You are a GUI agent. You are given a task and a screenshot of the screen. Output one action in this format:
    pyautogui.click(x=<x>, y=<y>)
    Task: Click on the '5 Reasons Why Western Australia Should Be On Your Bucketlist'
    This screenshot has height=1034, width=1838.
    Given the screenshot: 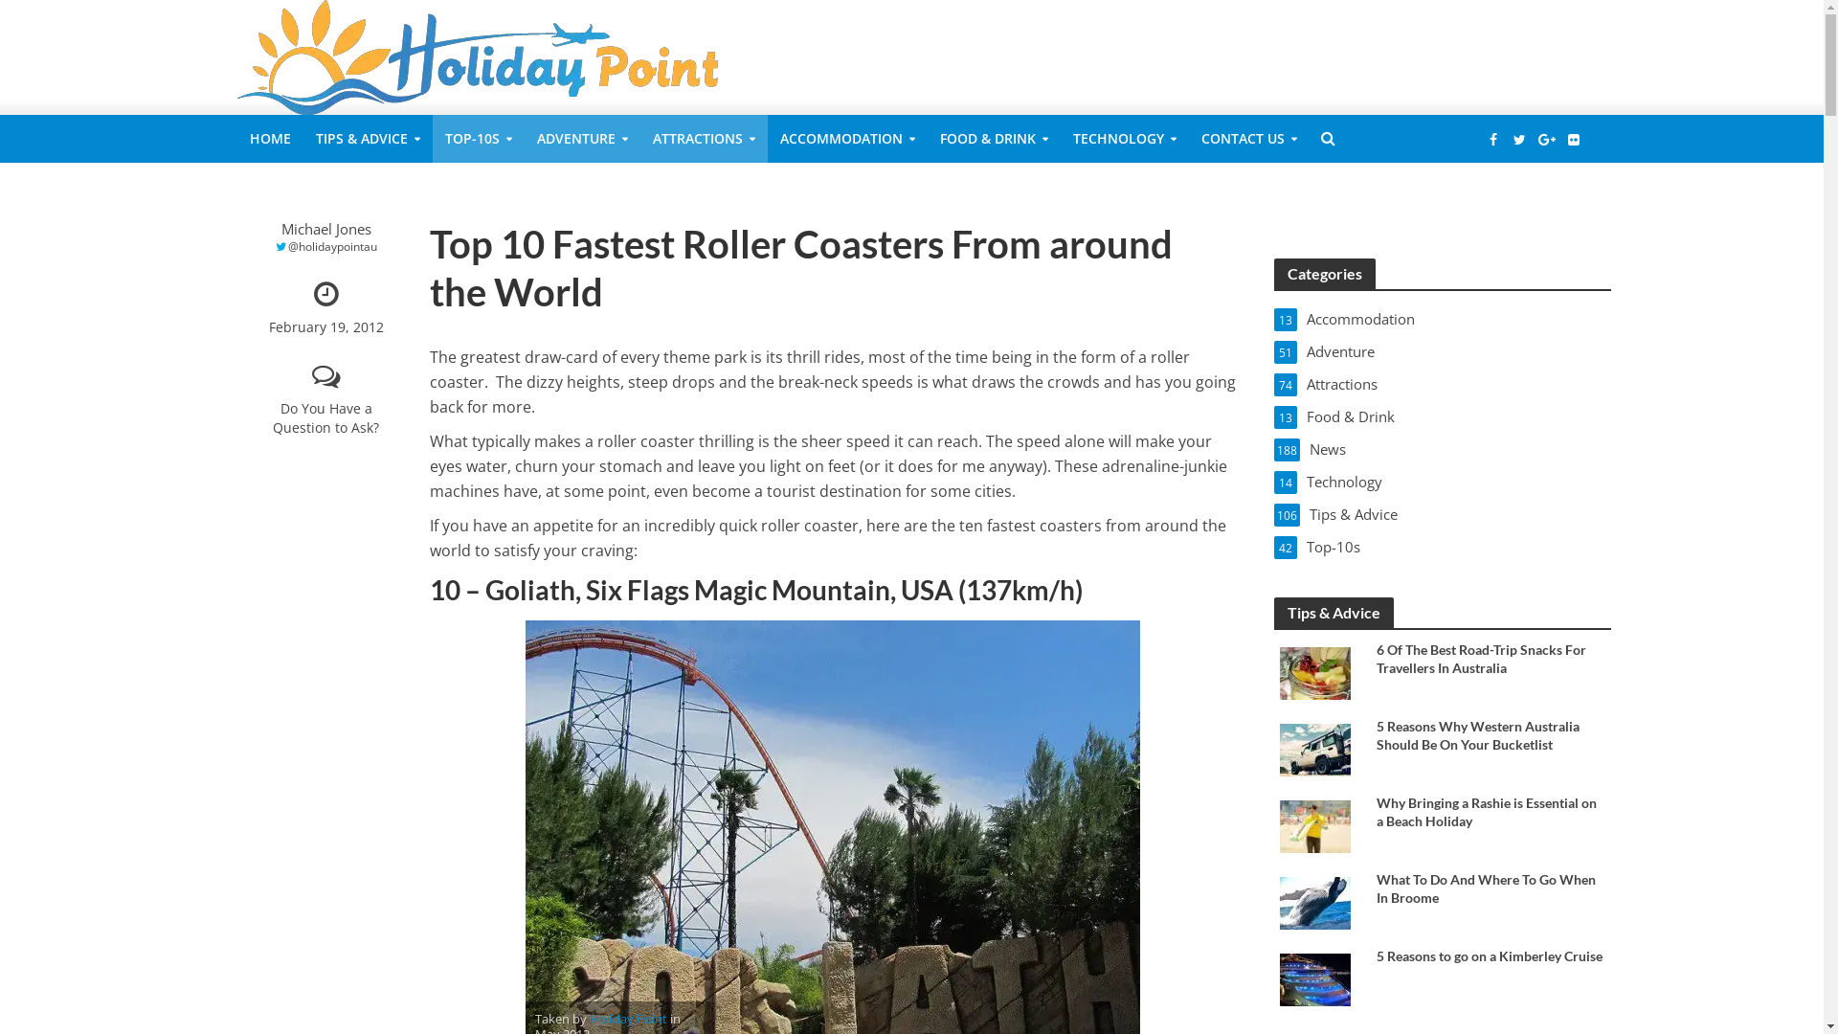 What is the action you would take?
    pyautogui.click(x=1376, y=733)
    